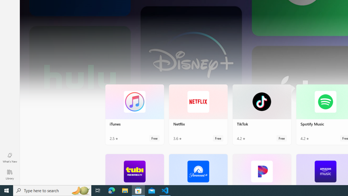 This screenshot has width=348, height=196. What do you see at coordinates (198, 169) in the screenshot?
I see `'Paramount+. Average rating of 4.1 out of five stars. Free  '` at bounding box center [198, 169].